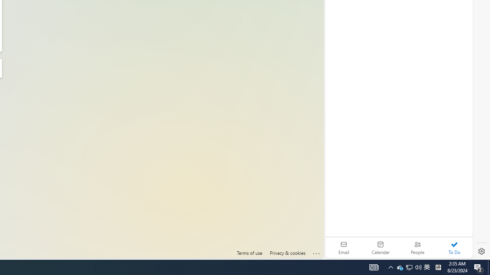  I want to click on 'Privacy & cookies', so click(287, 253).